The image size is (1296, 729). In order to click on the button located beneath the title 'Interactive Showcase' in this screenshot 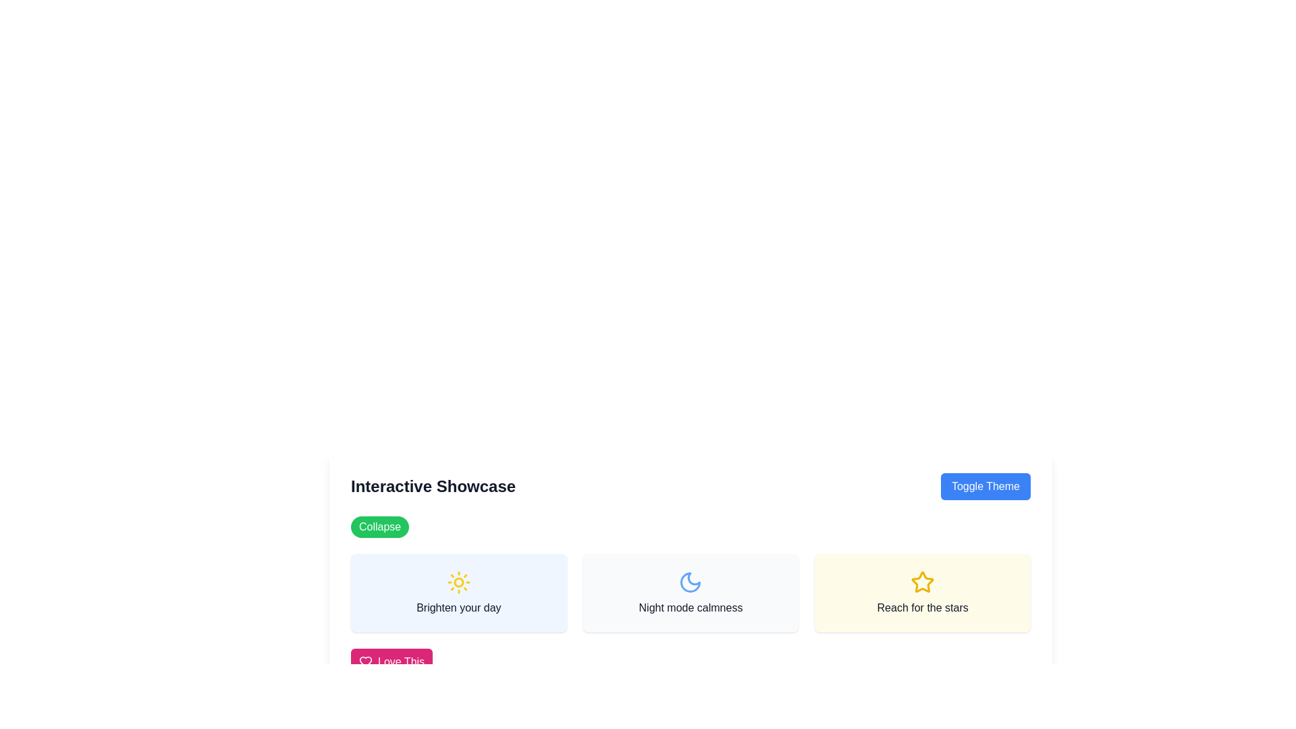, I will do `click(379, 526)`.